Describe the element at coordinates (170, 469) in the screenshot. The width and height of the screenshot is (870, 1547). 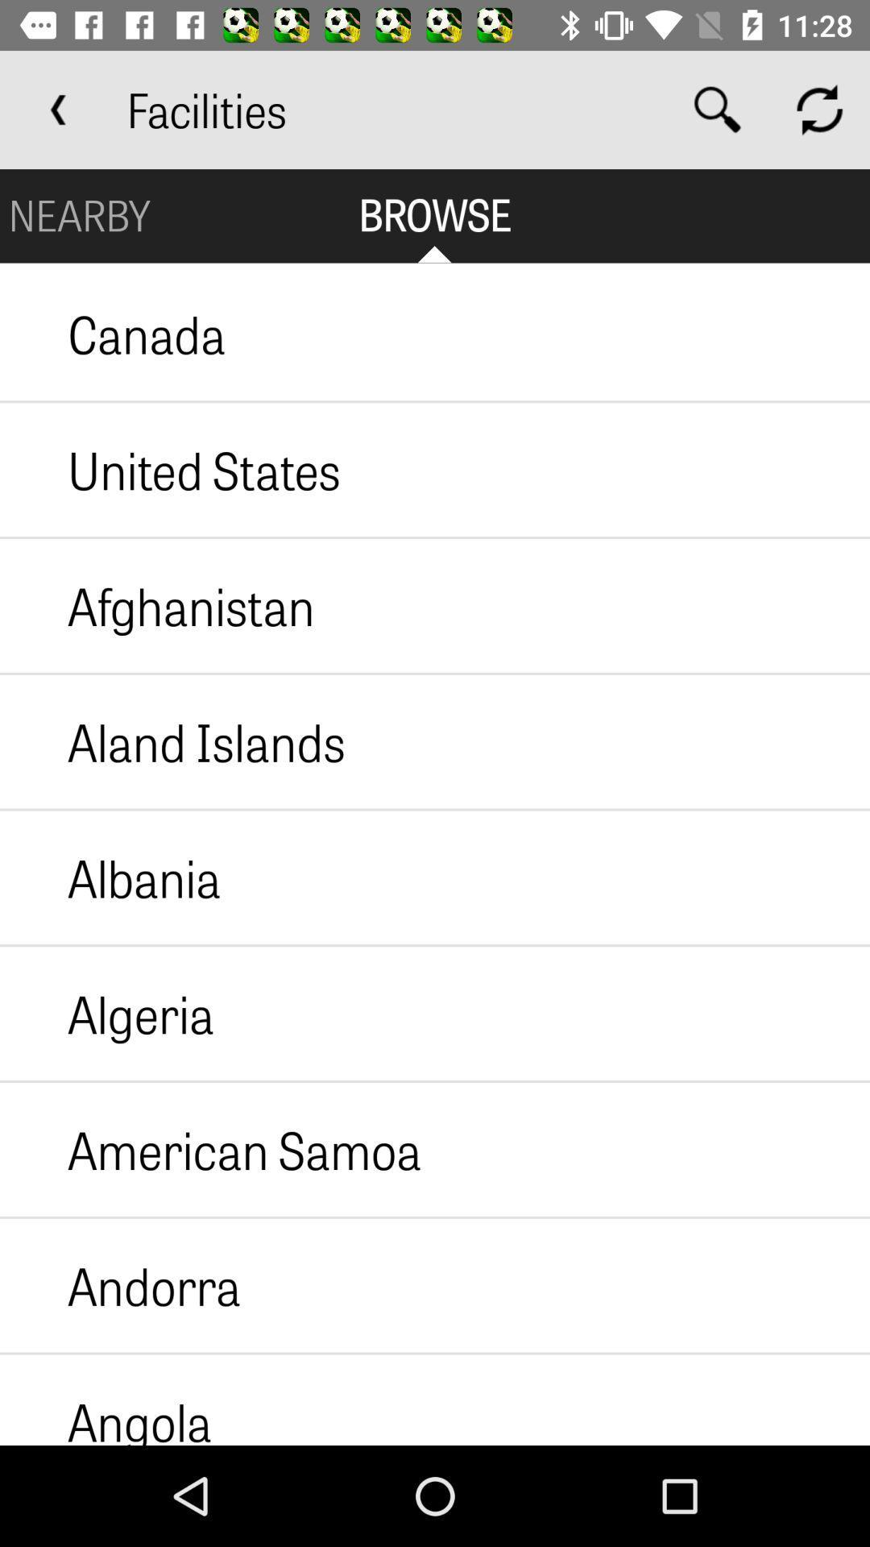
I see `the icon below the canada` at that location.